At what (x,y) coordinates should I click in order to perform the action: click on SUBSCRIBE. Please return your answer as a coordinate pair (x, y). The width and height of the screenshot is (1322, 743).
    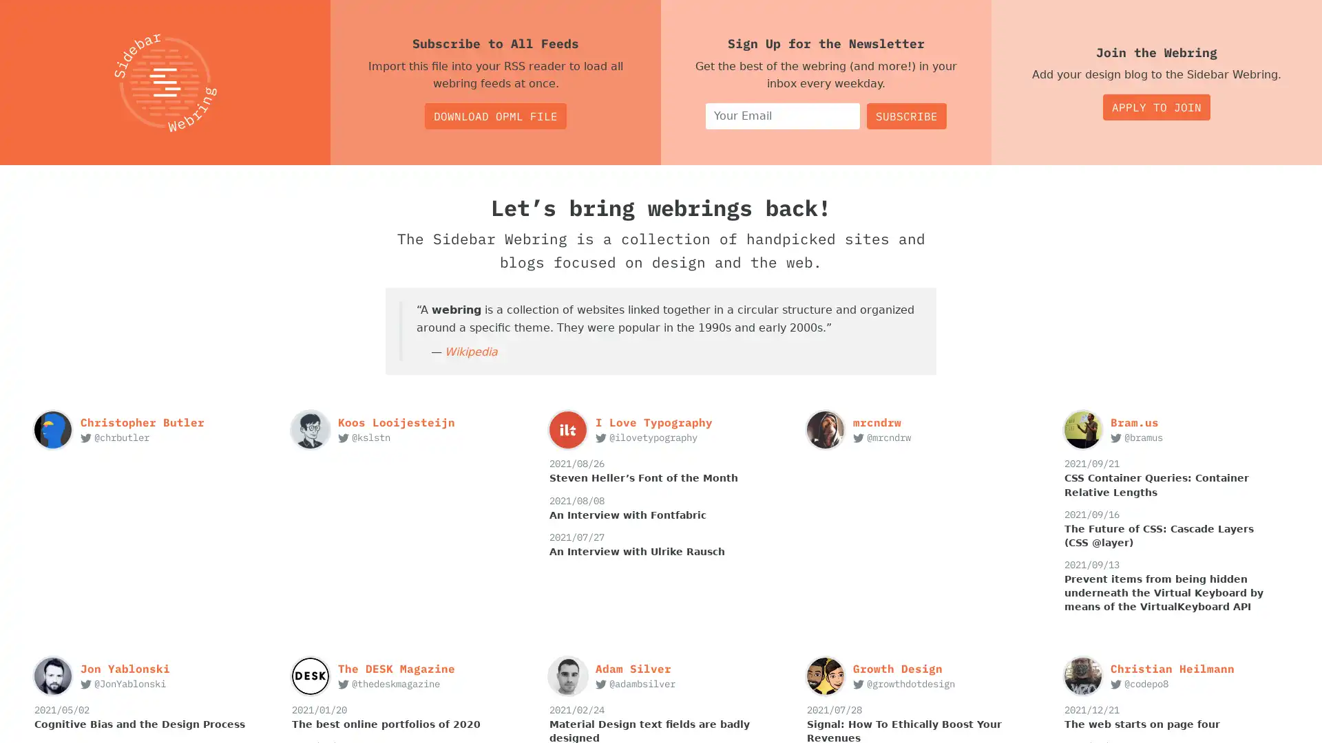
    Looking at the image, I should click on (906, 115).